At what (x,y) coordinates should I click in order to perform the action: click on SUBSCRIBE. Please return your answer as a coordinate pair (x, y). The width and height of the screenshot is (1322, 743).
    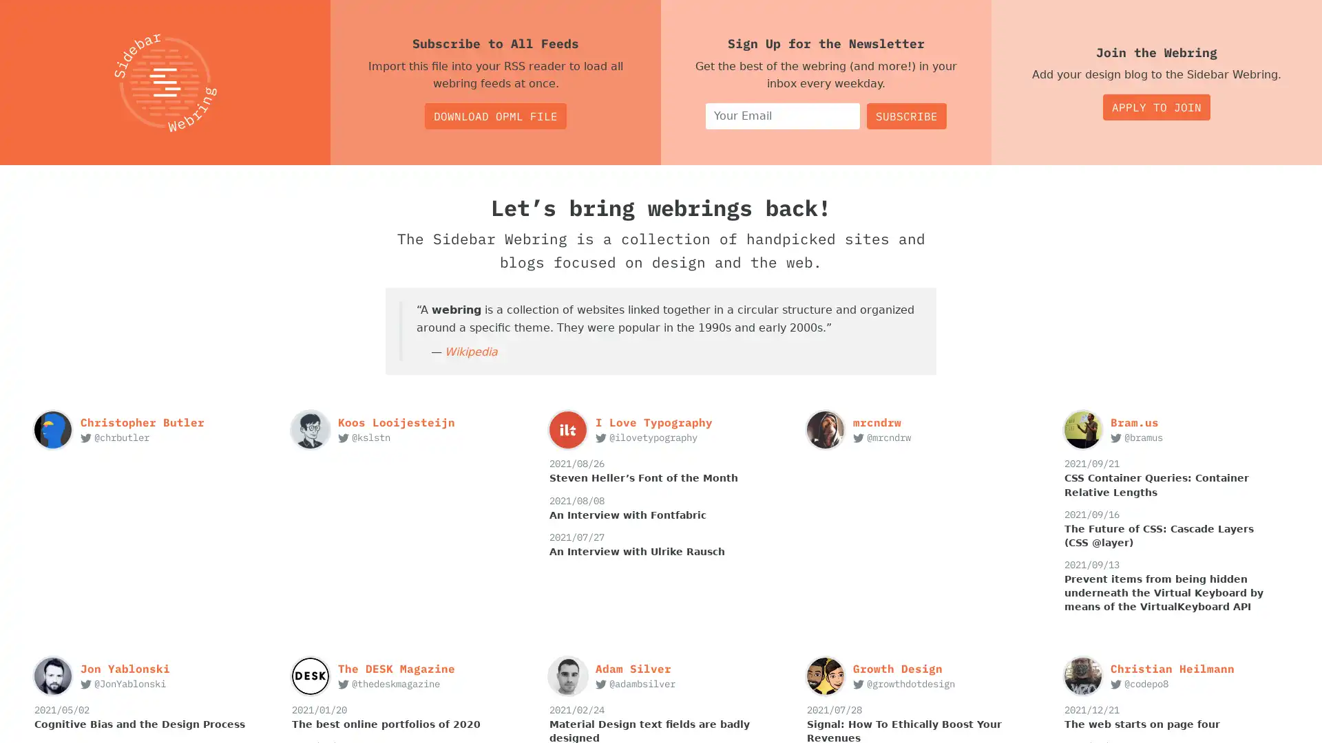
    Looking at the image, I should click on (906, 115).